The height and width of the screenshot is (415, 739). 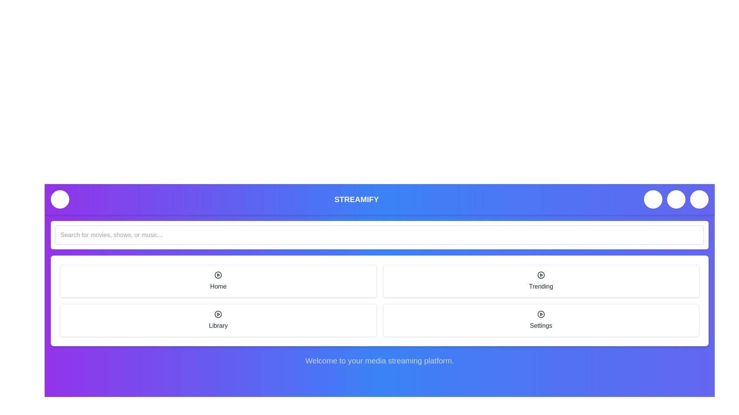 I want to click on the menu toggle button to change its visibility, so click(x=60, y=199).